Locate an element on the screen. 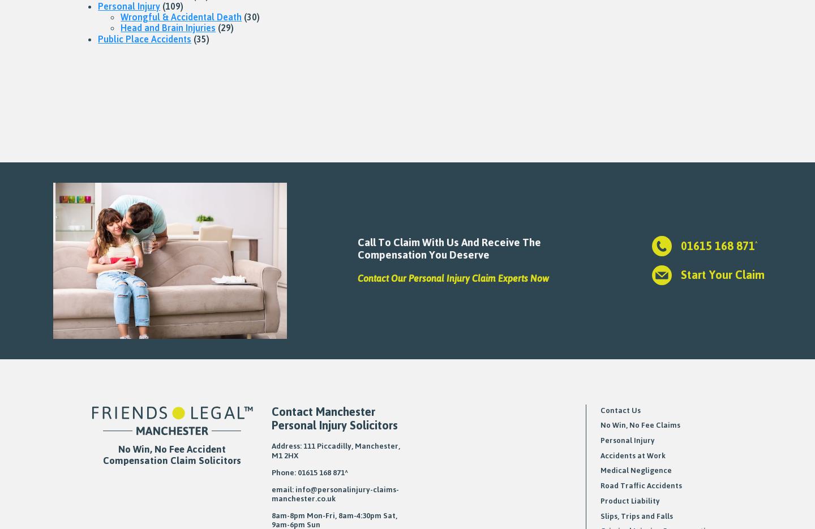 The image size is (815, 529). 'Road Traffic Accidents' is located at coordinates (640, 484).